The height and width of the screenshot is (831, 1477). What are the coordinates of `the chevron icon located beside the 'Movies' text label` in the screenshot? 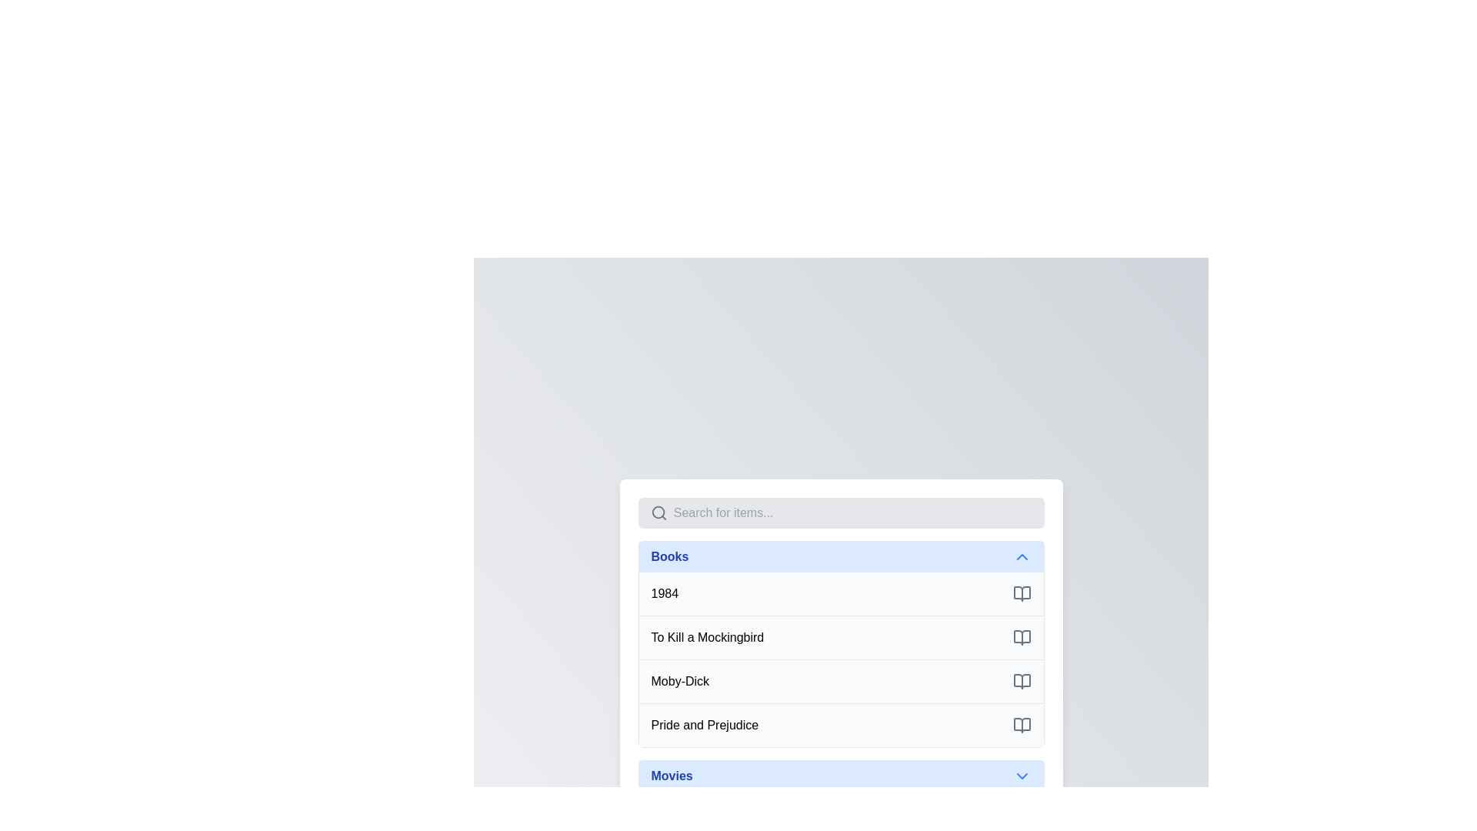 It's located at (1022, 776).